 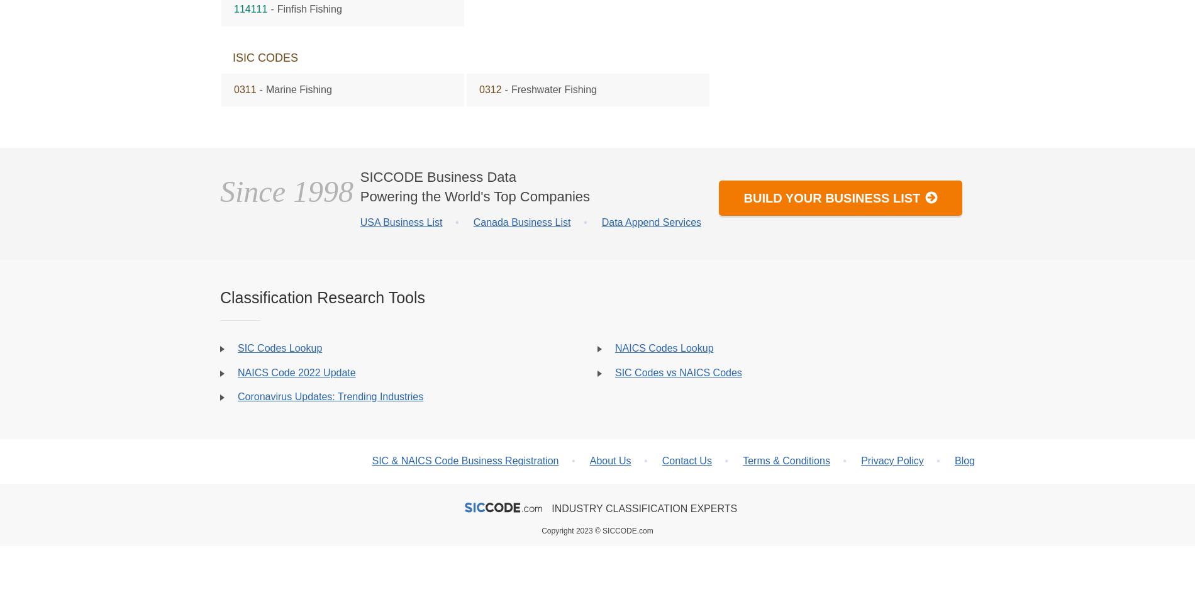 I want to click on 'Data Append Services', so click(x=651, y=221).